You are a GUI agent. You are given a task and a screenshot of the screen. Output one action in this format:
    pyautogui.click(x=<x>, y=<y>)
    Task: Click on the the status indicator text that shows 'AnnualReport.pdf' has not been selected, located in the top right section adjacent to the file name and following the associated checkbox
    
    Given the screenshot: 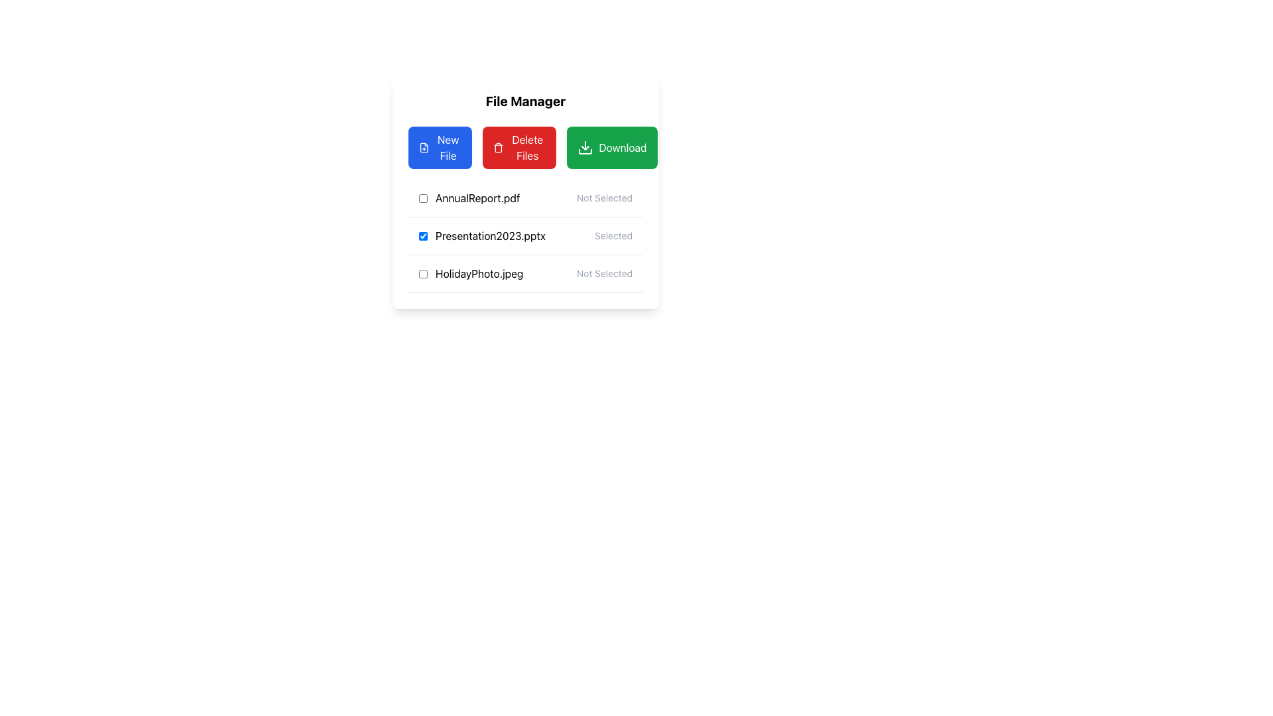 What is the action you would take?
    pyautogui.click(x=604, y=198)
    